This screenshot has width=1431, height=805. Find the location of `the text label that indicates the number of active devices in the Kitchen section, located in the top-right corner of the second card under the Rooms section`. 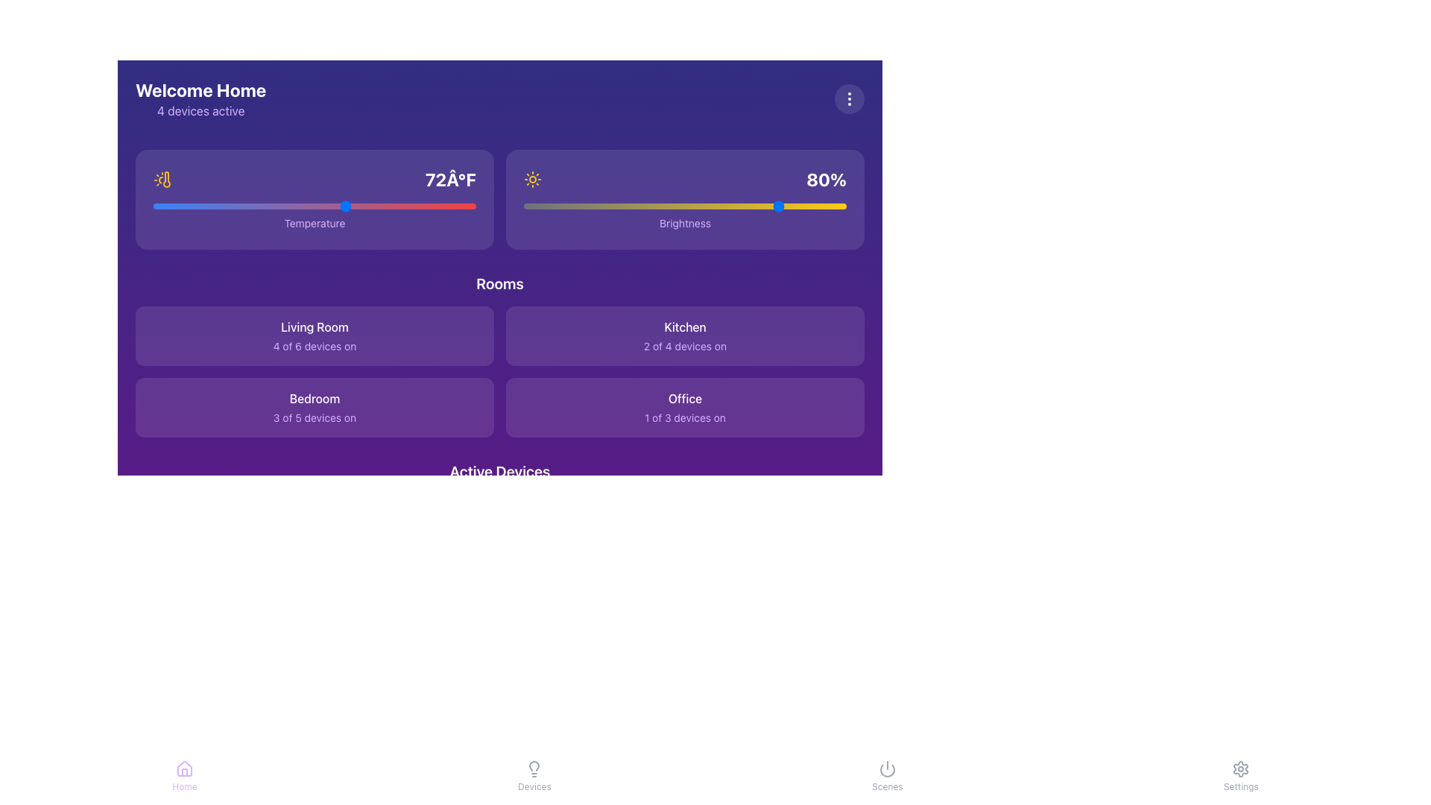

the text label that indicates the number of active devices in the Kitchen section, located in the top-right corner of the second card under the Rooms section is located at coordinates (684, 347).